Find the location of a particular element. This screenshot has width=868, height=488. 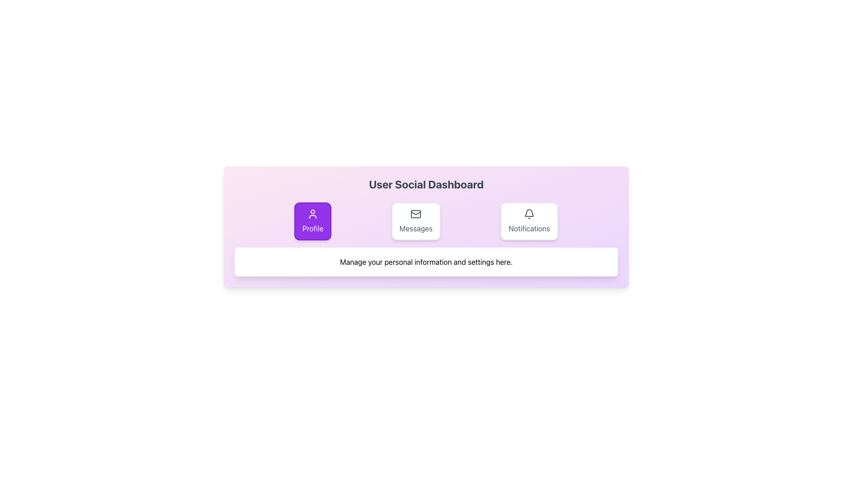

text content of the 'Messages' label, which is displayed in gray sans-serif font, centered within a white rectangular card below the envelope icon is located at coordinates (415, 228).